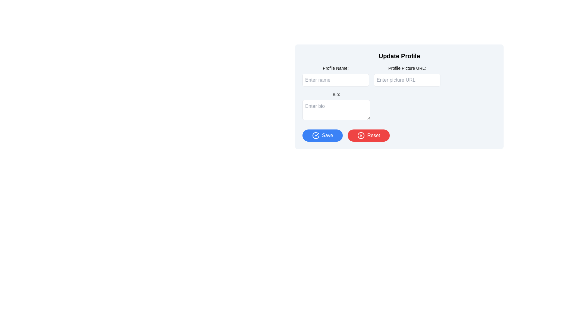 This screenshot has height=329, width=586. What do you see at coordinates (368, 135) in the screenshot?
I see `the red 'Reset' button with rounded edges that contains the text 'Reset' in white, located to the right of the blue 'Save' button, to reset the form inputs` at bounding box center [368, 135].